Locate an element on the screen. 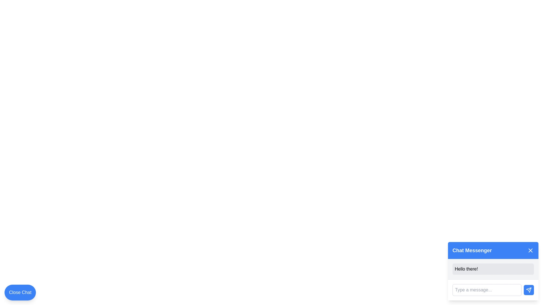  the stand-alone button located at the bottom-left corner of the application interface is located at coordinates (20, 292).